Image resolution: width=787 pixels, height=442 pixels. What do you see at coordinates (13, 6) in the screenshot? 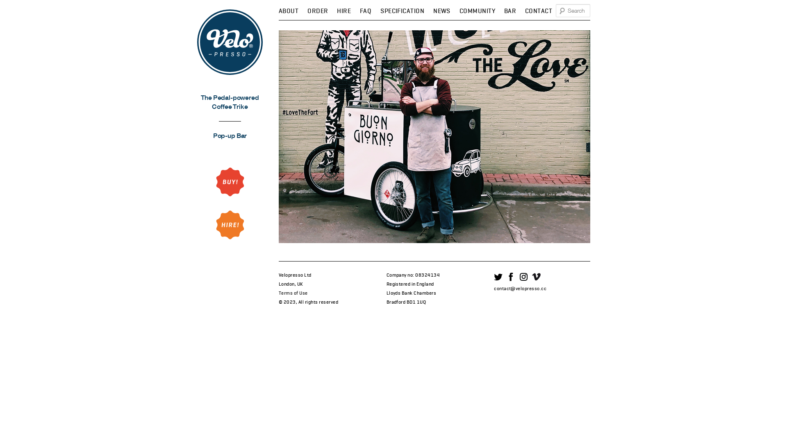
I see `'Search'` at bounding box center [13, 6].